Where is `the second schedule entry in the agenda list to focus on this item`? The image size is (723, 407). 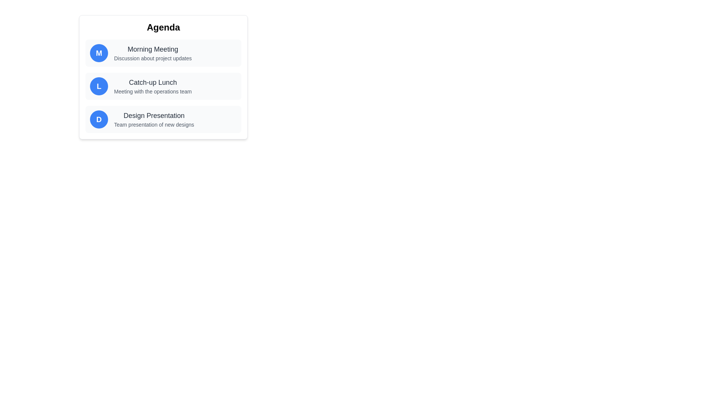
the second schedule entry in the agenda list to focus on this item is located at coordinates (163, 77).